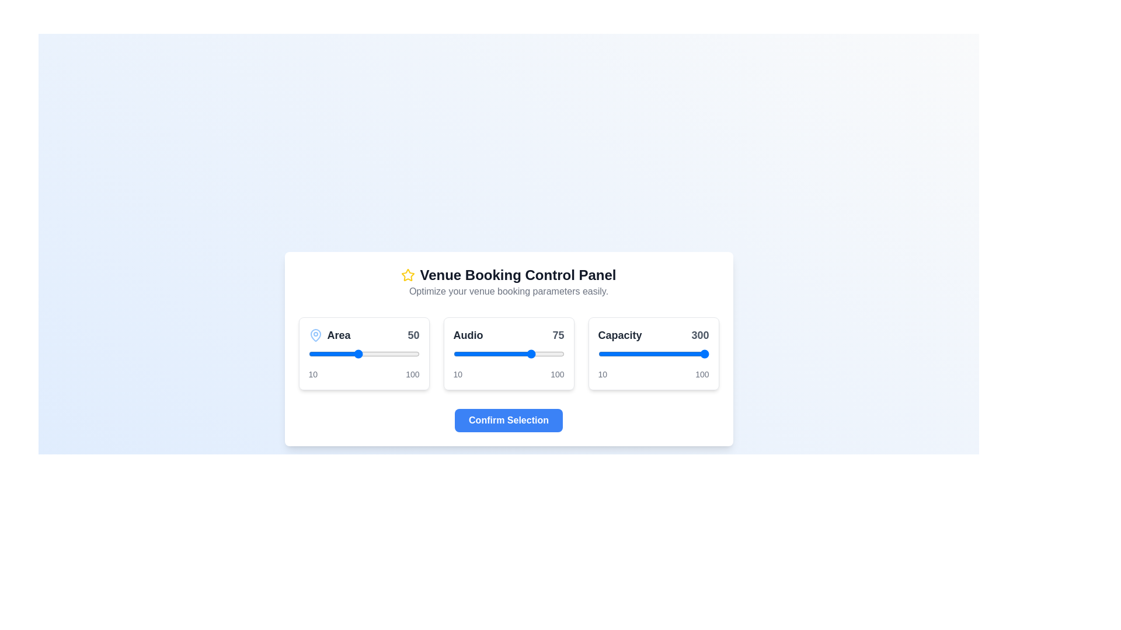 Image resolution: width=1121 pixels, height=630 pixels. Describe the element at coordinates (347, 353) in the screenshot. I see `the Area slider` at that location.